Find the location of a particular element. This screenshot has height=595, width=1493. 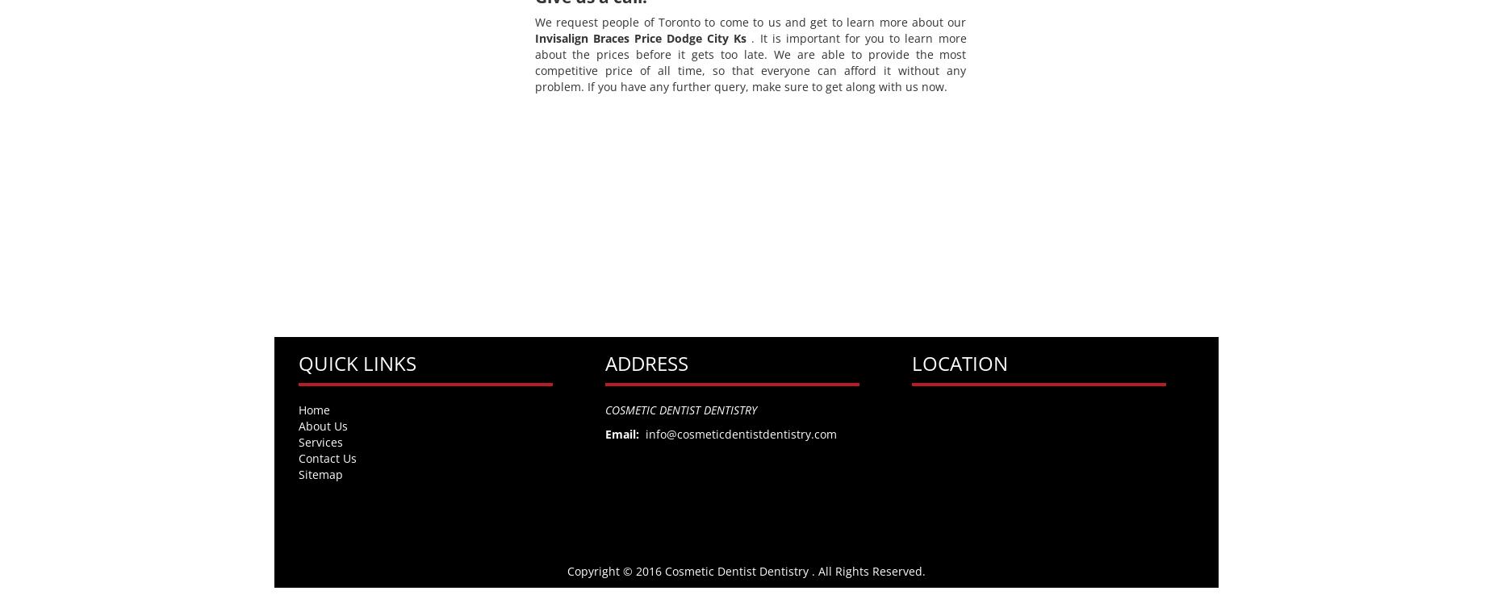

'COSMETIC DENTIST DENTISTRY' is located at coordinates (680, 409).